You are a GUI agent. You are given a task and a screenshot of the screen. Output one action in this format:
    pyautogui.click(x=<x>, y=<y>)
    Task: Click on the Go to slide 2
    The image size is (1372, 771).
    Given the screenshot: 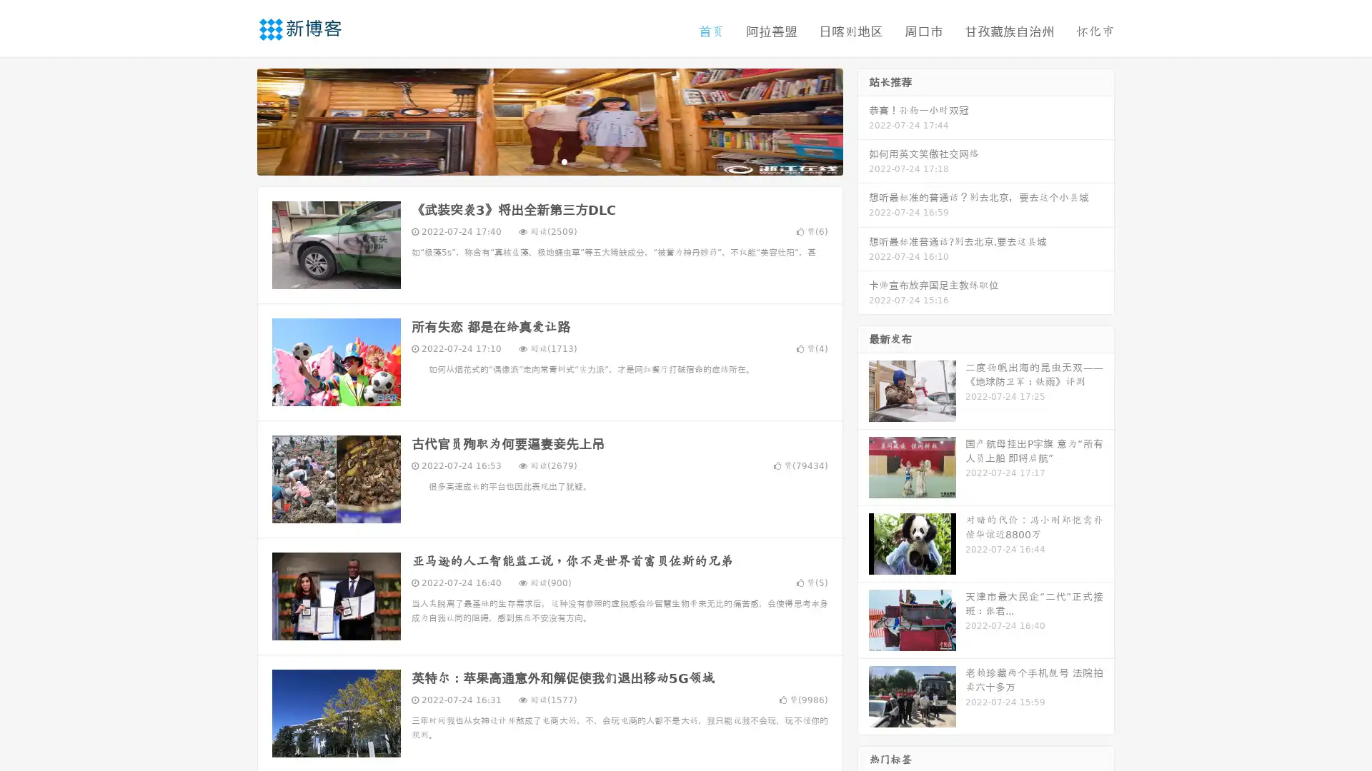 What is the action you would take?
    pyautogui.click(x=549, y=161)
    